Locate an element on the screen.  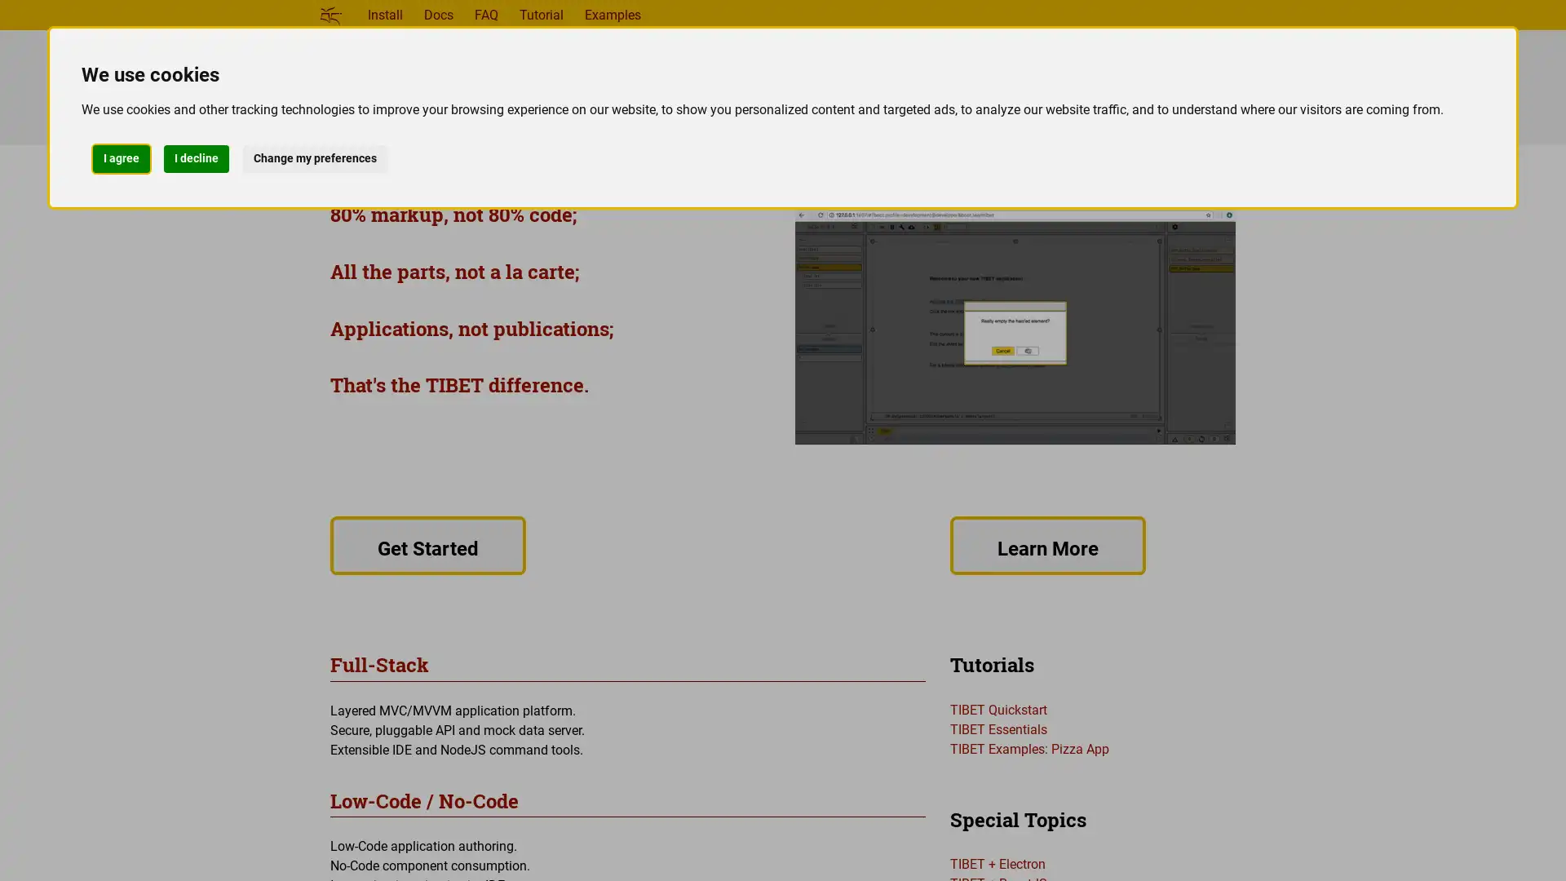
I decline is located at coordinates (196, 157).